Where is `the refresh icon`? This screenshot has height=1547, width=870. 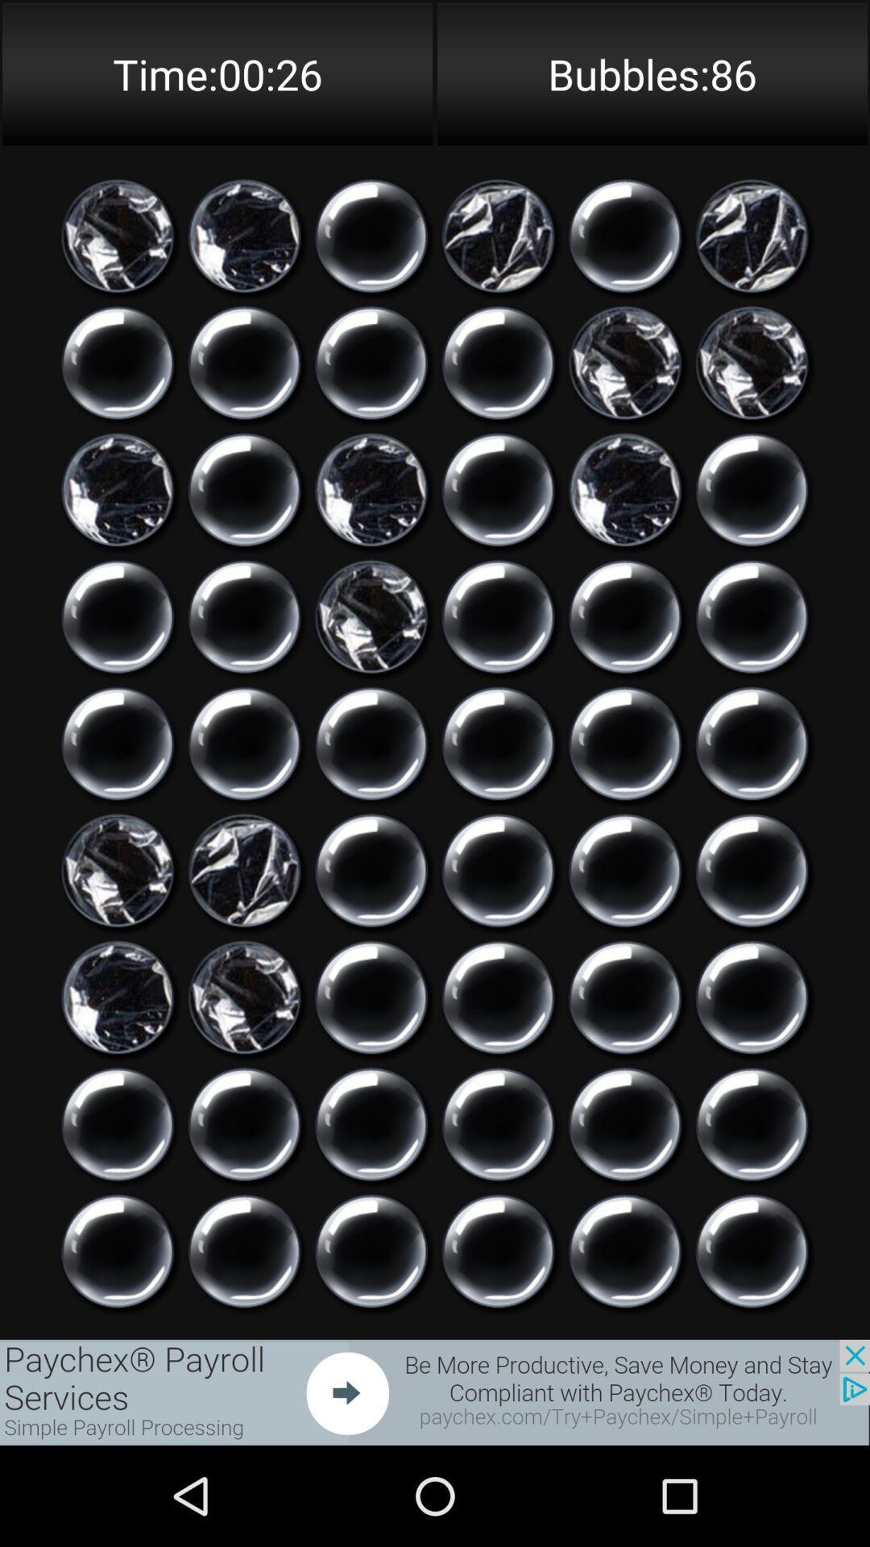
the refresh icon is located at coordinates (497, 1068).